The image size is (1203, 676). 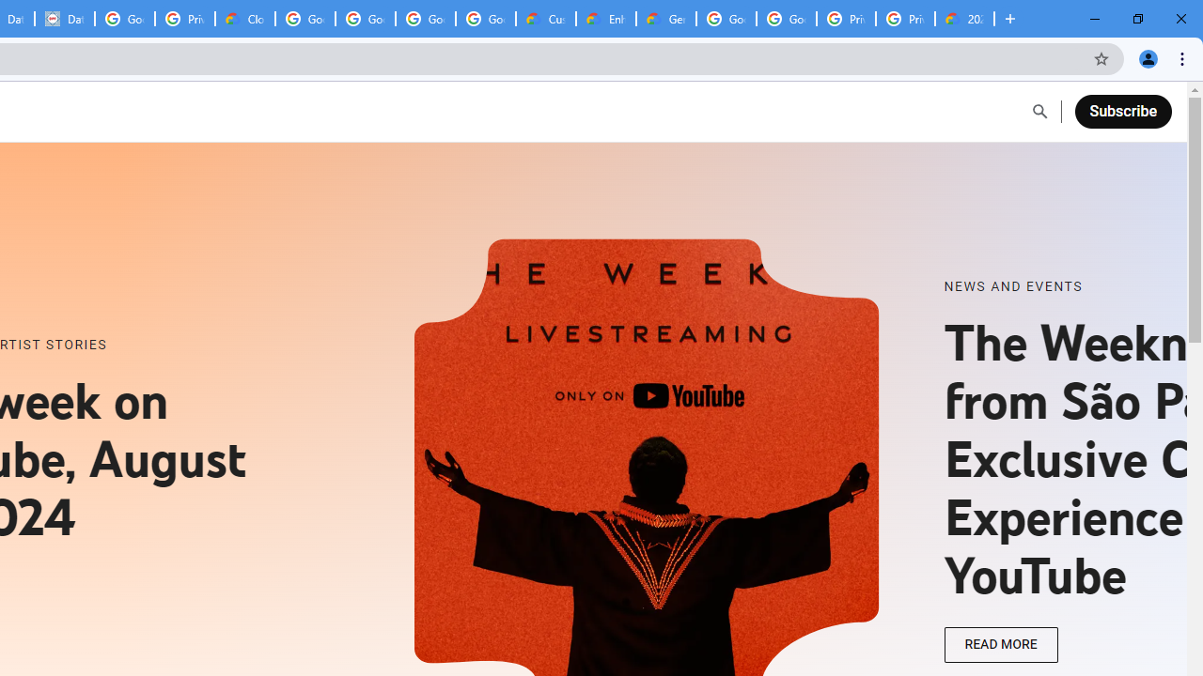 I want to click on 'Open Search', so click(x=1039, y=112).